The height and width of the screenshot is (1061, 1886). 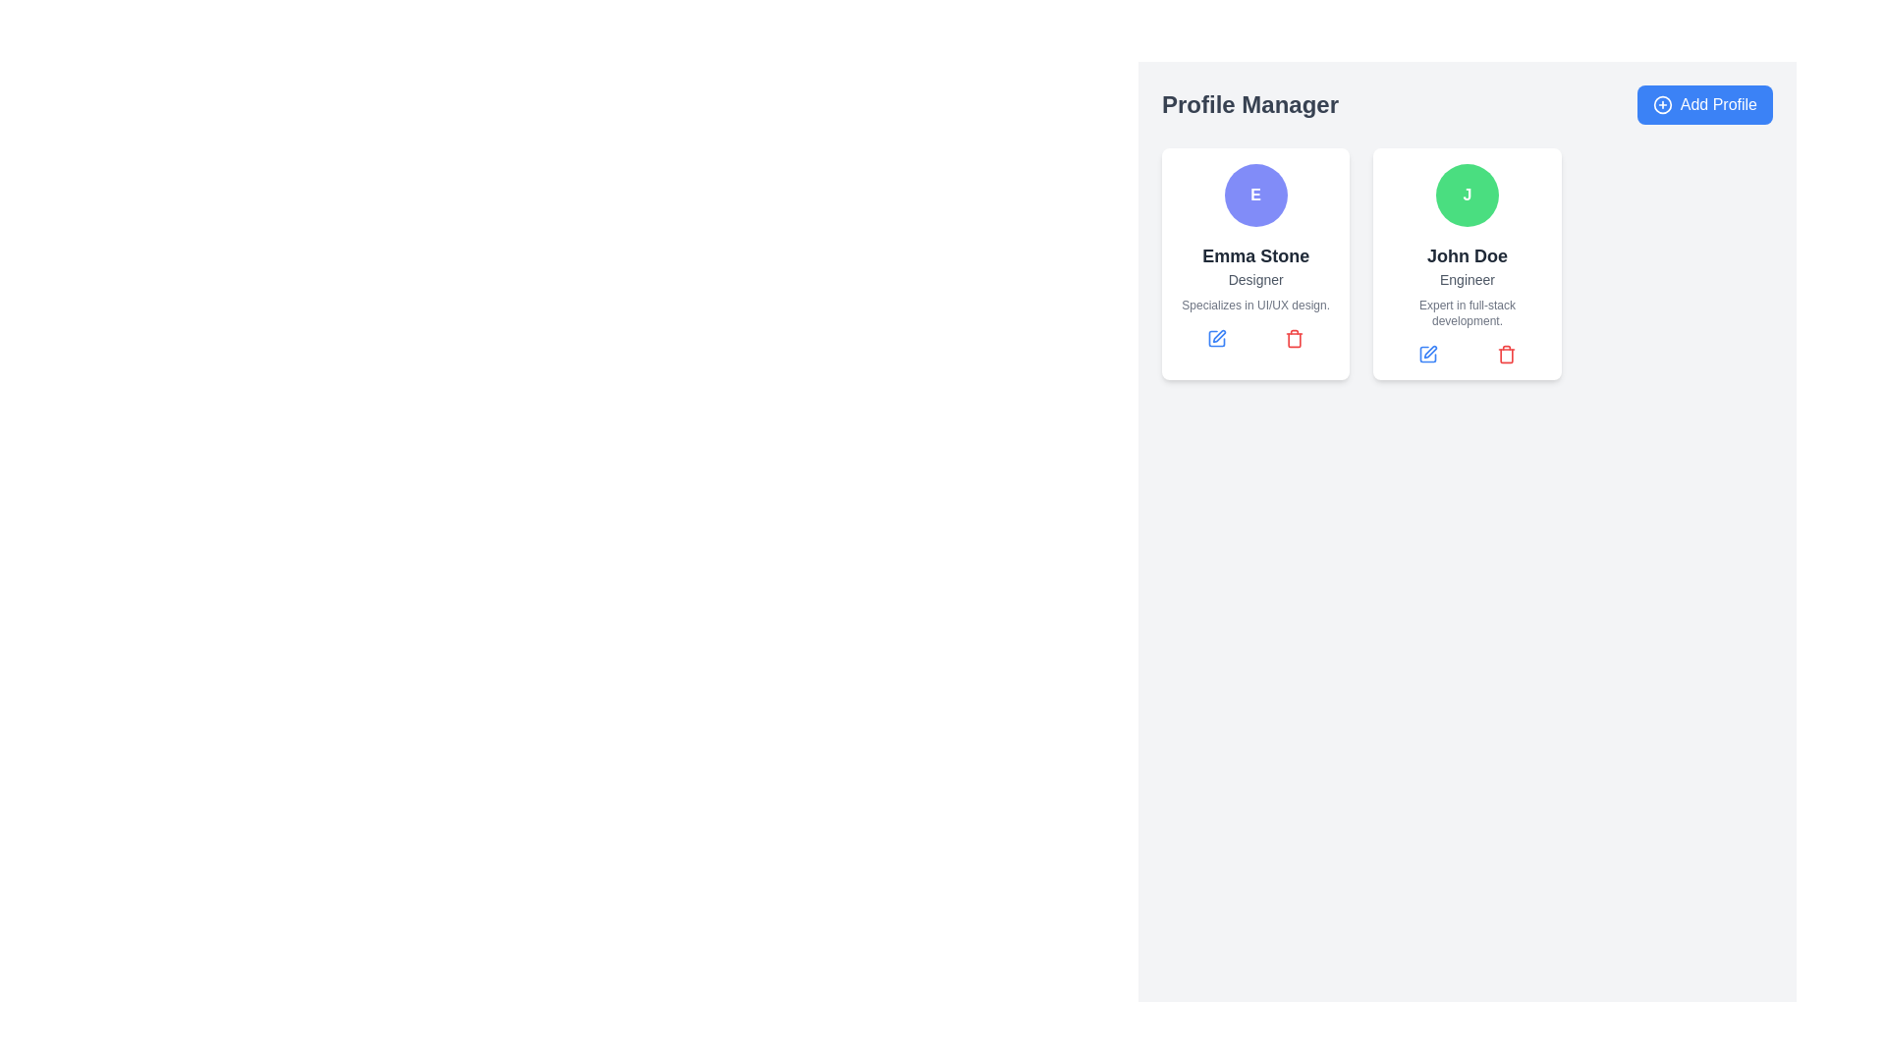 What do you see at coordinates (1467, 195) in the screenshot?
I see `the avatar representing user 'John Doe' located at the top-center of the rightmost card in the profile layout` at bounding box center [1467, 195].